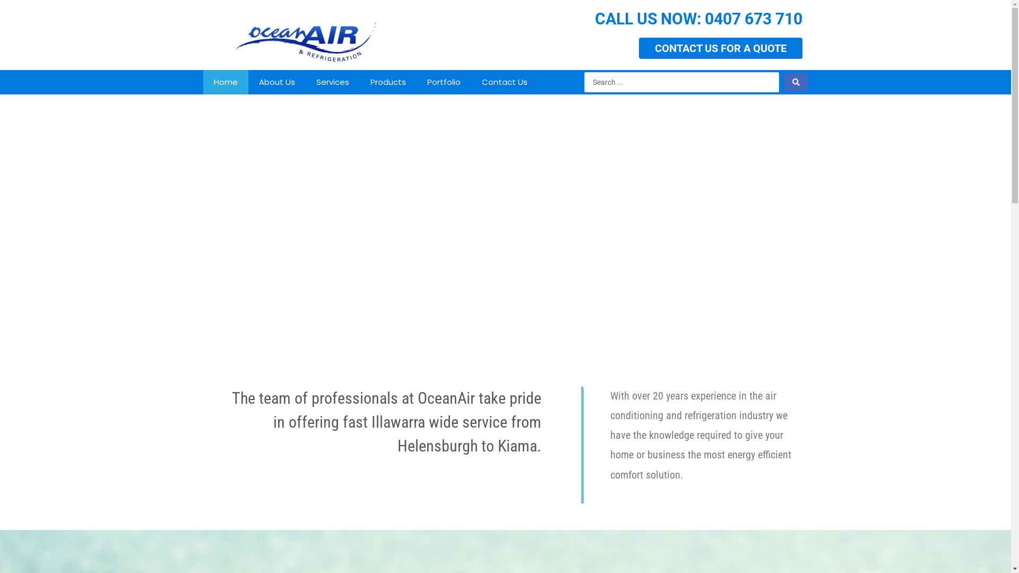 The height and width of the screenshot is (573, 1019). Describe the element at coordinates (415, 81) in the screenshot. I see `'Portfolio'` at that location.